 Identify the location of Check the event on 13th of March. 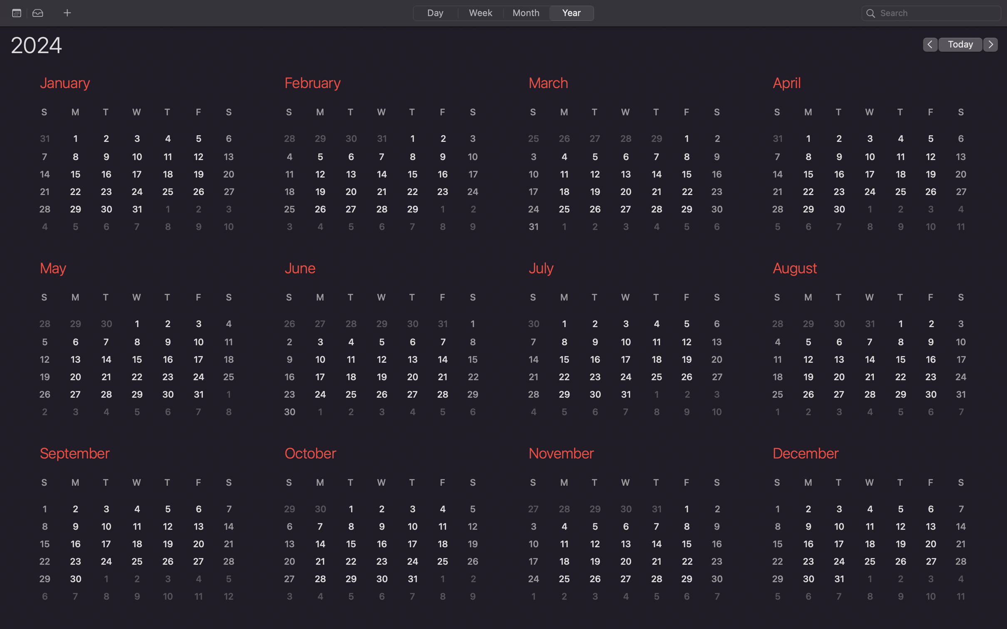
(628, 174).